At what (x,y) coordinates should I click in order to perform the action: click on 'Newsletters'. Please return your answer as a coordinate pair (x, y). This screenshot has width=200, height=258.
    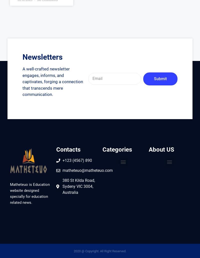
    Looking at the image, I should click on (42, 57).